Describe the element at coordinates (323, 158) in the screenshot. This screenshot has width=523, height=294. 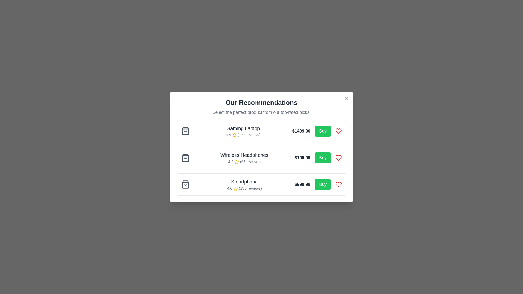
I see `the green 'Buy' button with rounded corners, which is located adjacent to the price information for 'Wireless Headphones'` at that location.